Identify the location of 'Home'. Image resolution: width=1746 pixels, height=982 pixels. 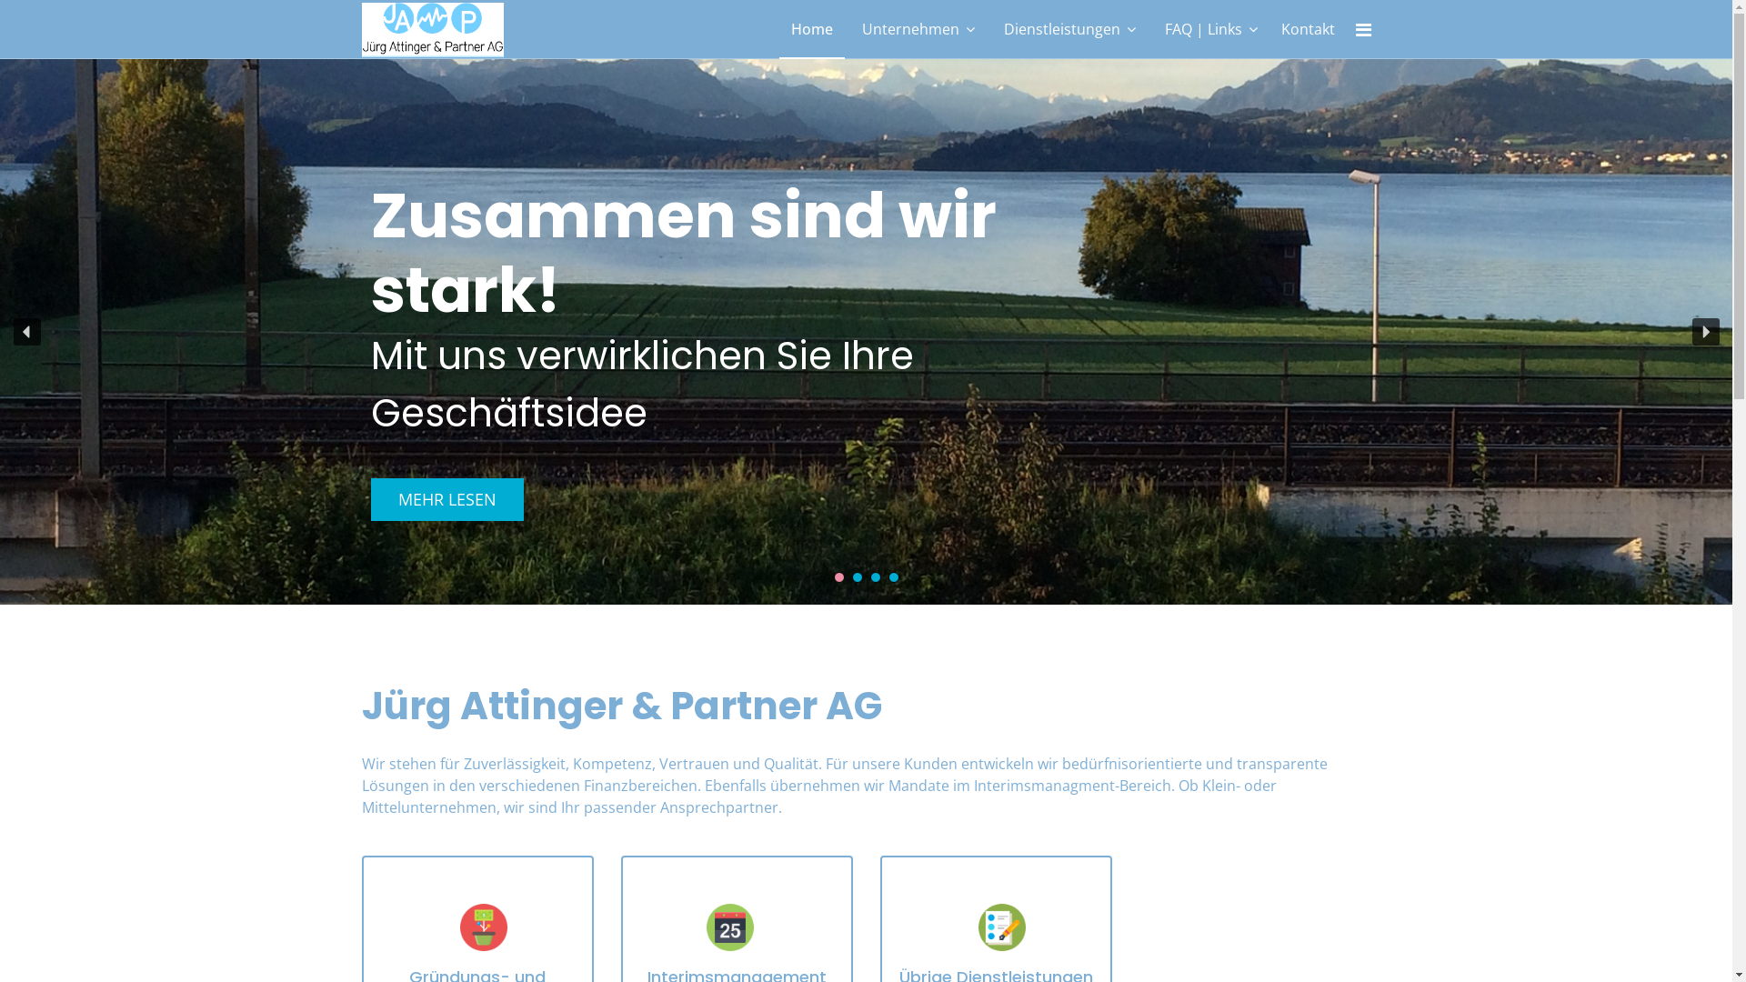
(810, 29).